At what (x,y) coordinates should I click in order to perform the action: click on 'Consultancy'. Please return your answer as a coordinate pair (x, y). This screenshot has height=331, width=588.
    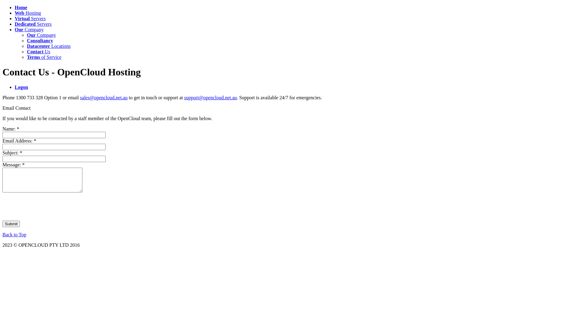
    Looking at the image, I should click on (40, 40).